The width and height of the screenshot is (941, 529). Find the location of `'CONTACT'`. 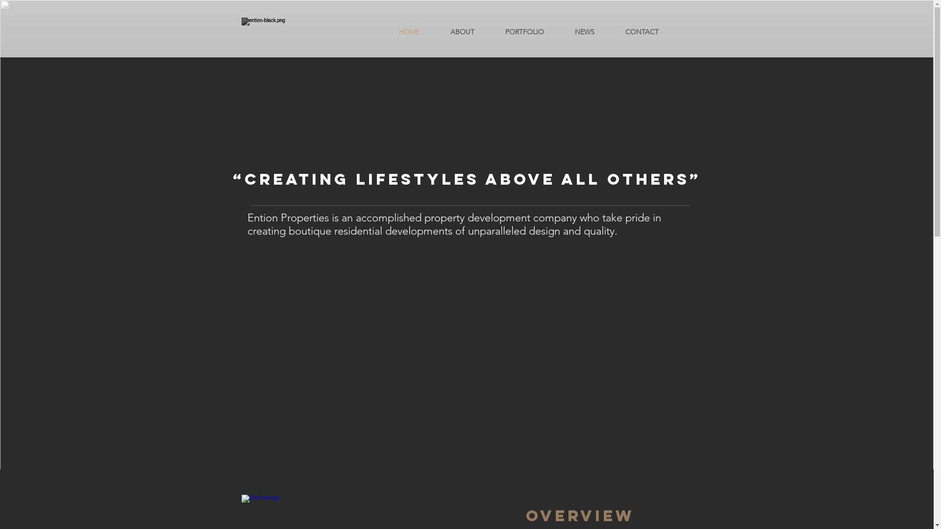

'CONTACT' is located at coordinates (609, 31).